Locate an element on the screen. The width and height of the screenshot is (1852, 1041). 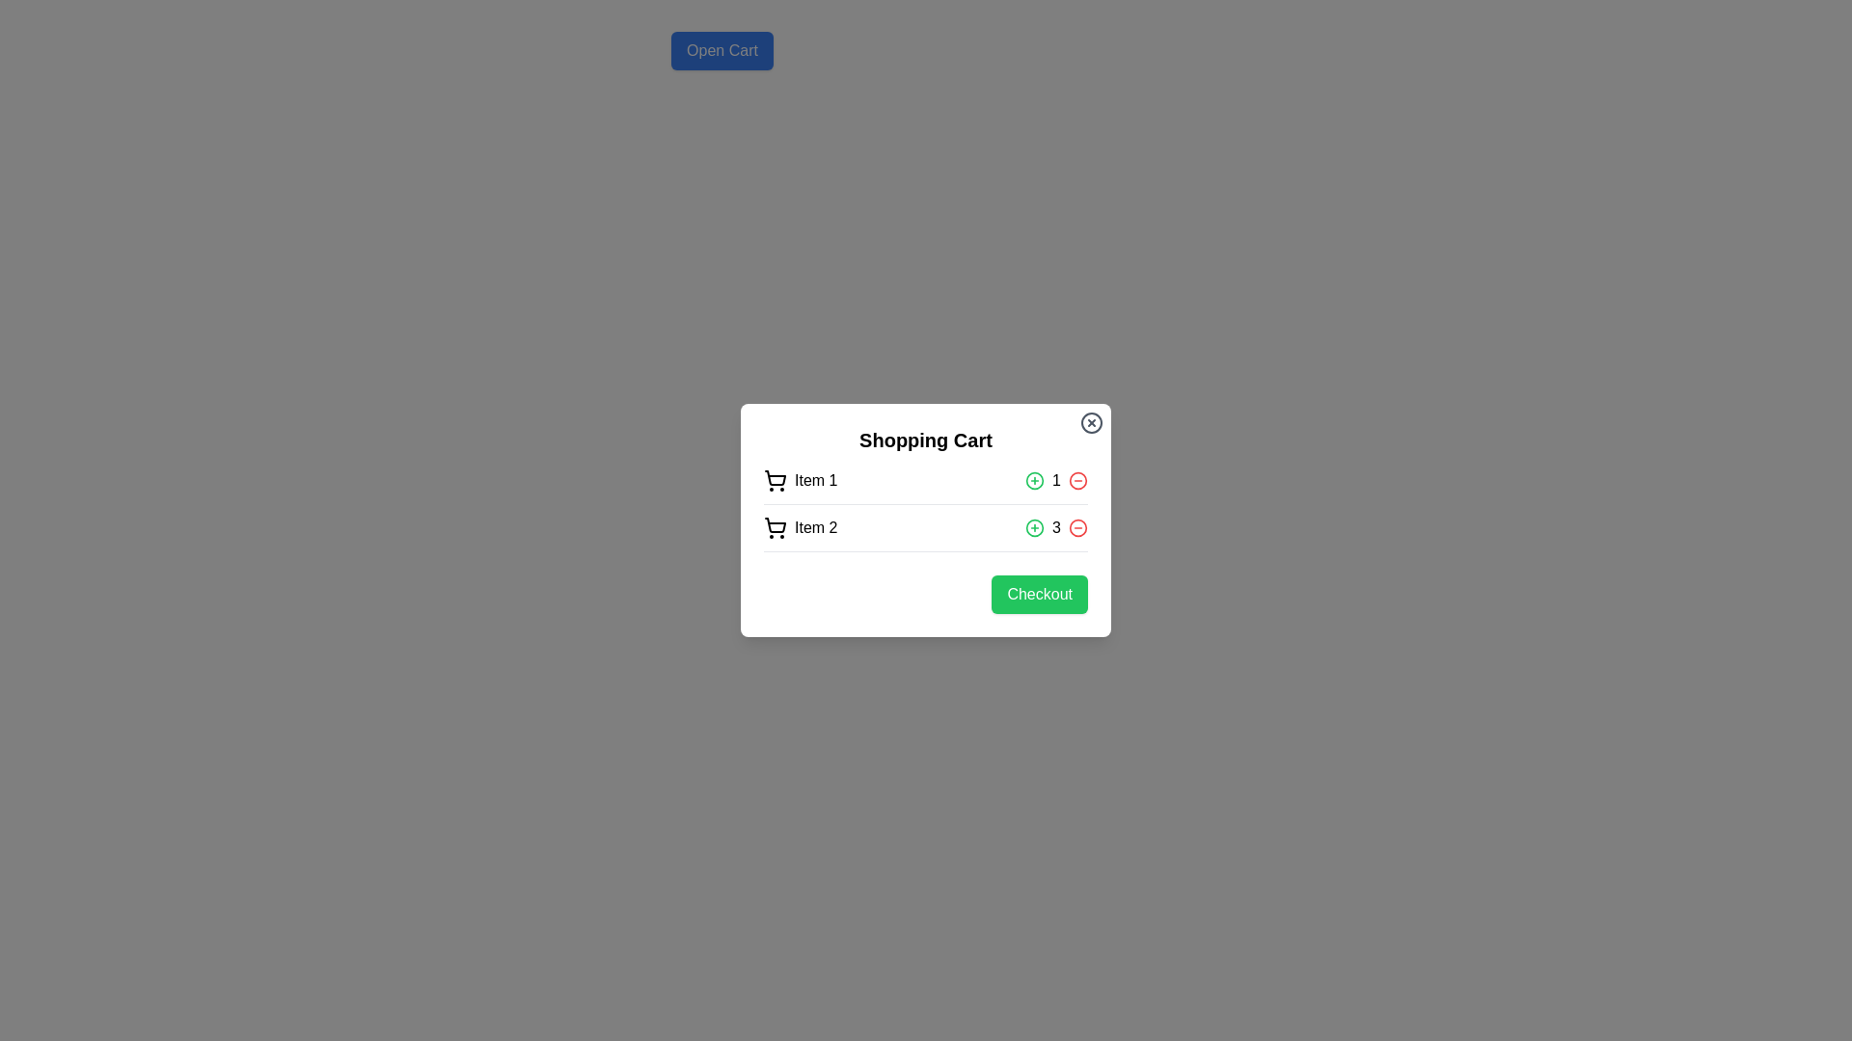
the small black shopping cart icon located to the left of the 'Item 1' text in the shopping cart interface is located at coordinates (776, 479).